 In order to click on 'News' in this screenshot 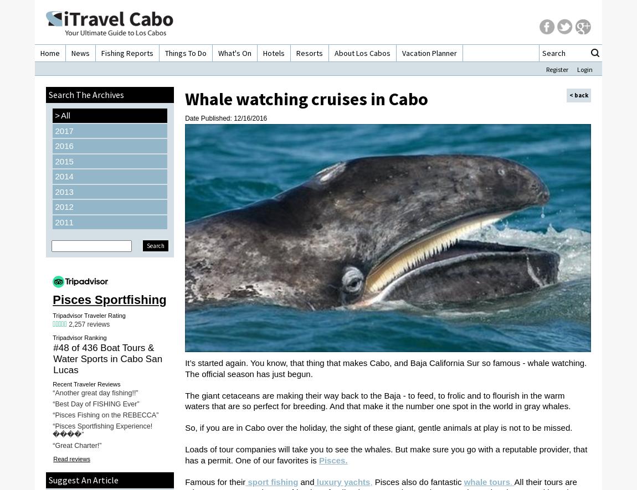, I will do `click(80, 53)`.